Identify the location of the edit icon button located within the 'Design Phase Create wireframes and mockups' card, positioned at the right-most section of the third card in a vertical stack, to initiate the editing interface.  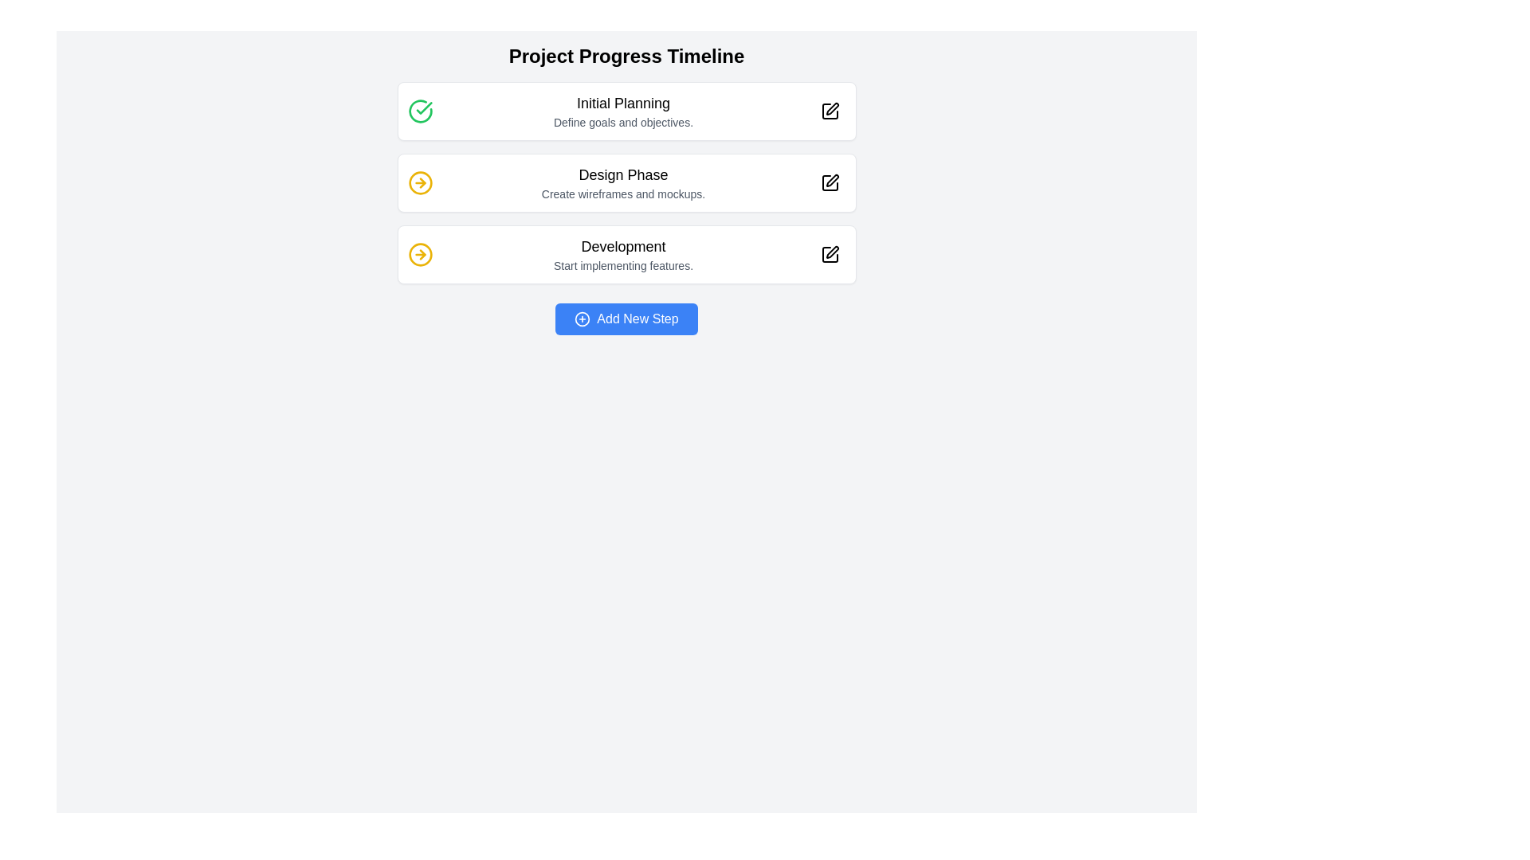
(829, 182).